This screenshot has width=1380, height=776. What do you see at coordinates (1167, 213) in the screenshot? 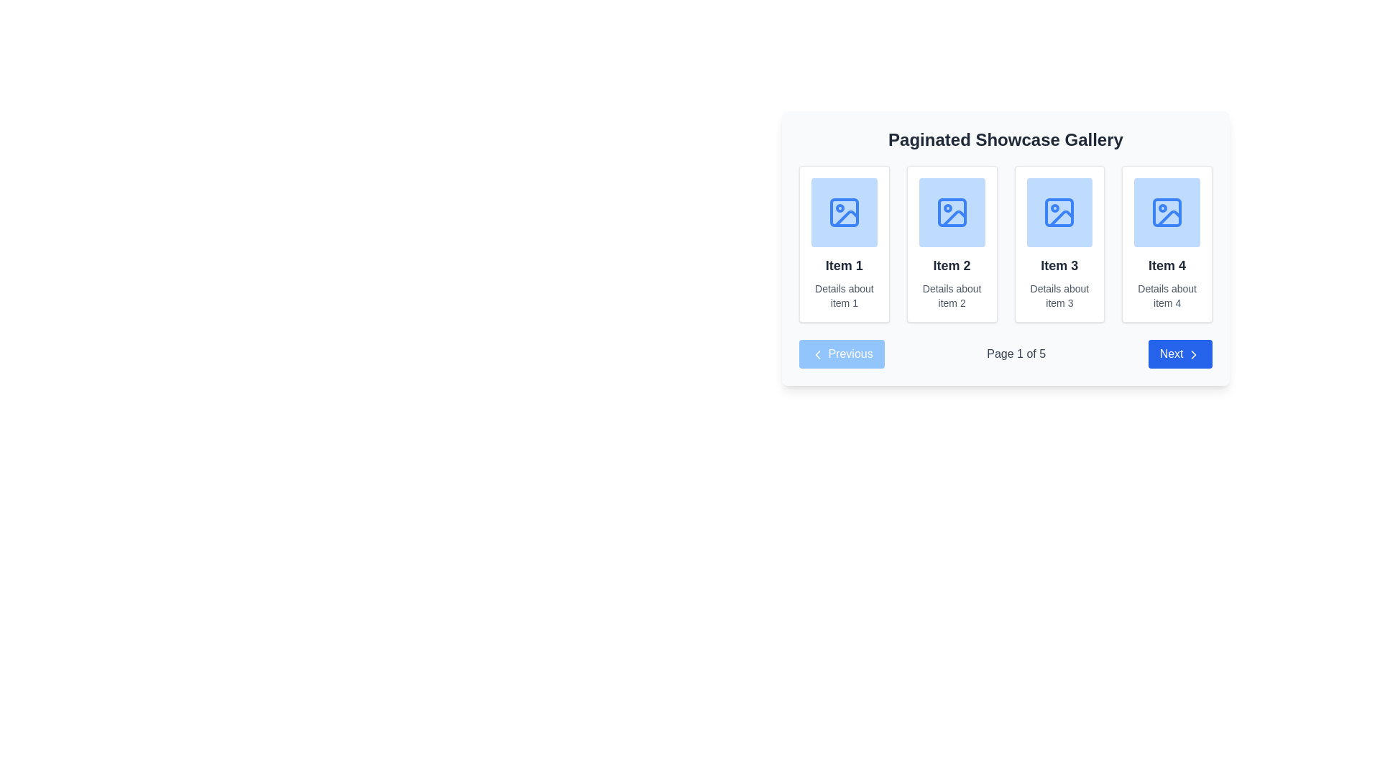
I see `the icon located within the fourth card titled 'Item 4' in the 'Paginated Showcase Gallery' interface, positioned towards the far-right of the card layout, adjacent to the 'Next' button` at bounding box center [1167, 213].